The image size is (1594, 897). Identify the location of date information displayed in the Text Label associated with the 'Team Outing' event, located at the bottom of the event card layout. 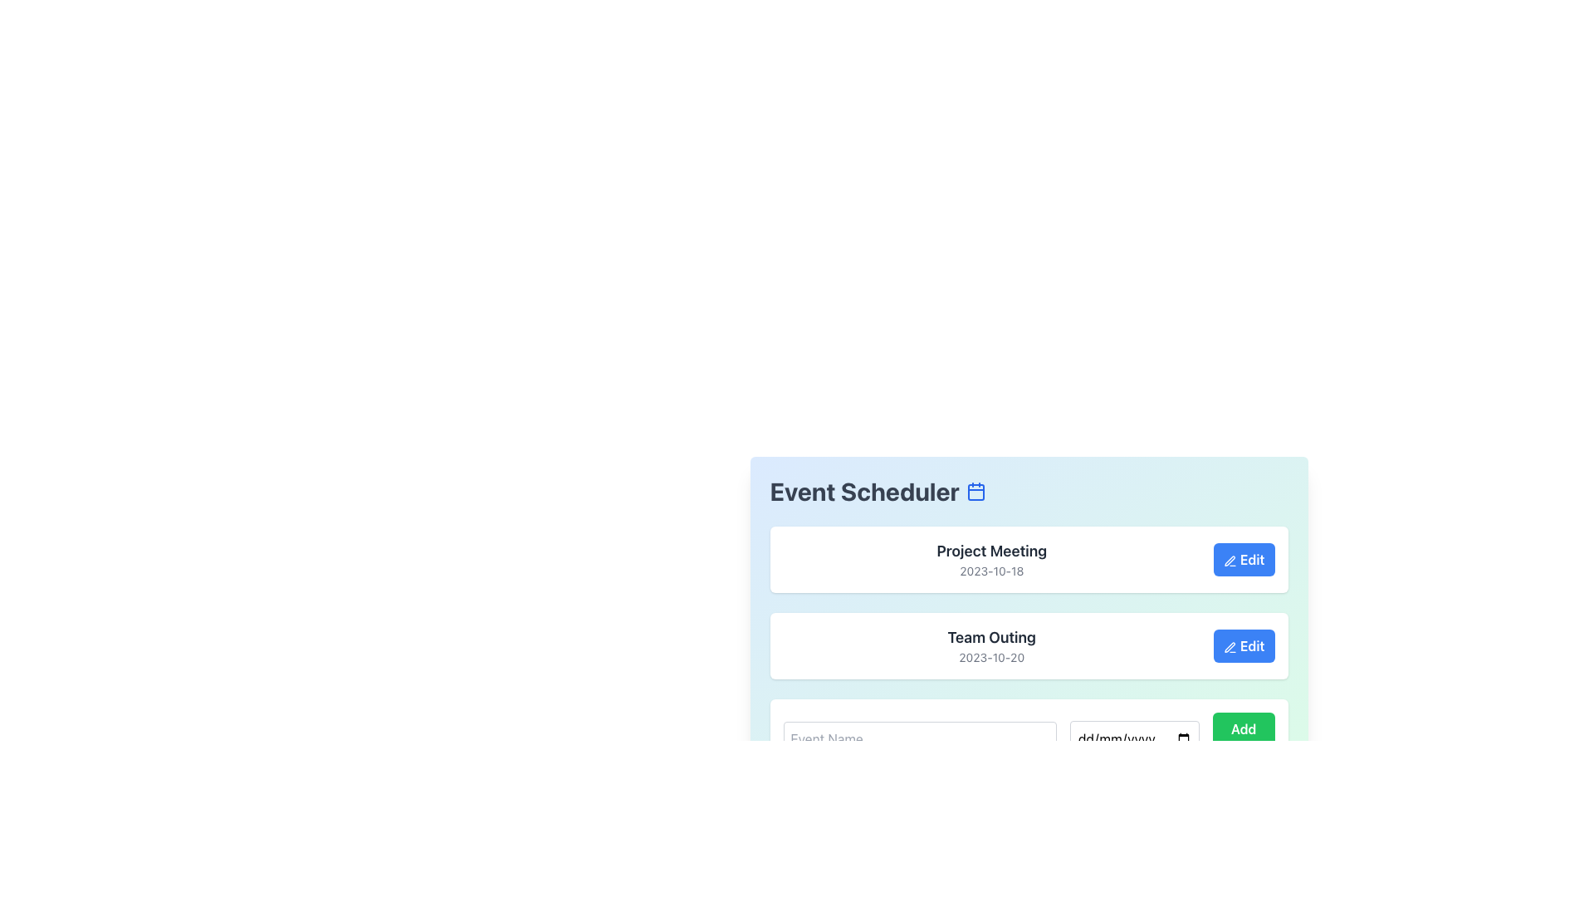
(991, 656).